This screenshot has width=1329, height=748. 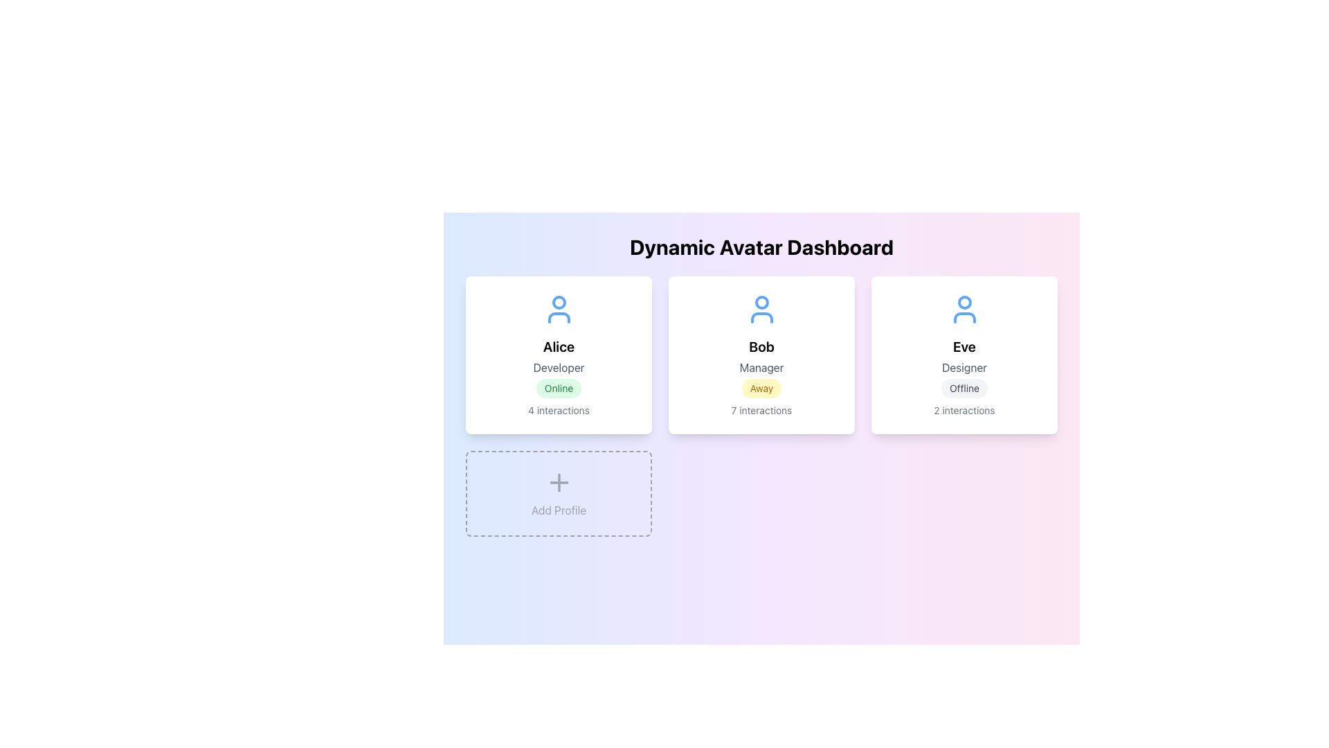 What do you see at coordinates (761, 388) in the screenshot?
I see `status displayed on the 'Away' badge, which has a yellow background and is located in the middle card for 'Bob', below the 'Manager' label` at bounding box center [761, 388].